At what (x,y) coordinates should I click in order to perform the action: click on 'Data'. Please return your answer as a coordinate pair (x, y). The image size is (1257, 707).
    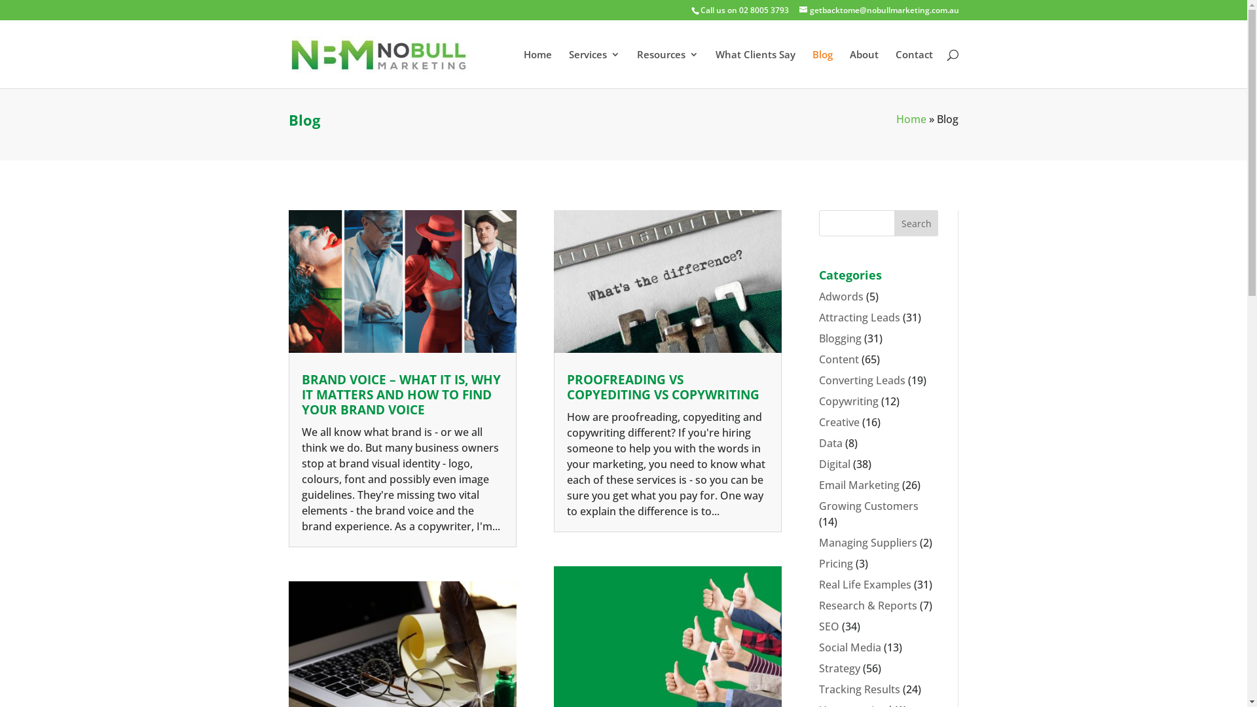
    Looking at the image, I should click on (818, 443).